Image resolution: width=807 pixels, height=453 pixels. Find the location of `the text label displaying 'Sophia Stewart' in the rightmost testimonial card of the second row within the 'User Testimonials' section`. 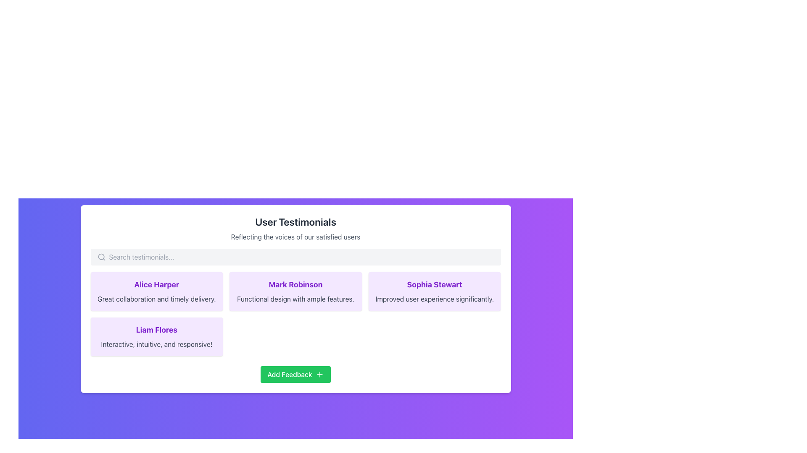

the text label displaying 'Sophia Stewart' in the rightmost testimonial card of the second row within the 'User Testimonials' section is located at coordinates (435, 284).